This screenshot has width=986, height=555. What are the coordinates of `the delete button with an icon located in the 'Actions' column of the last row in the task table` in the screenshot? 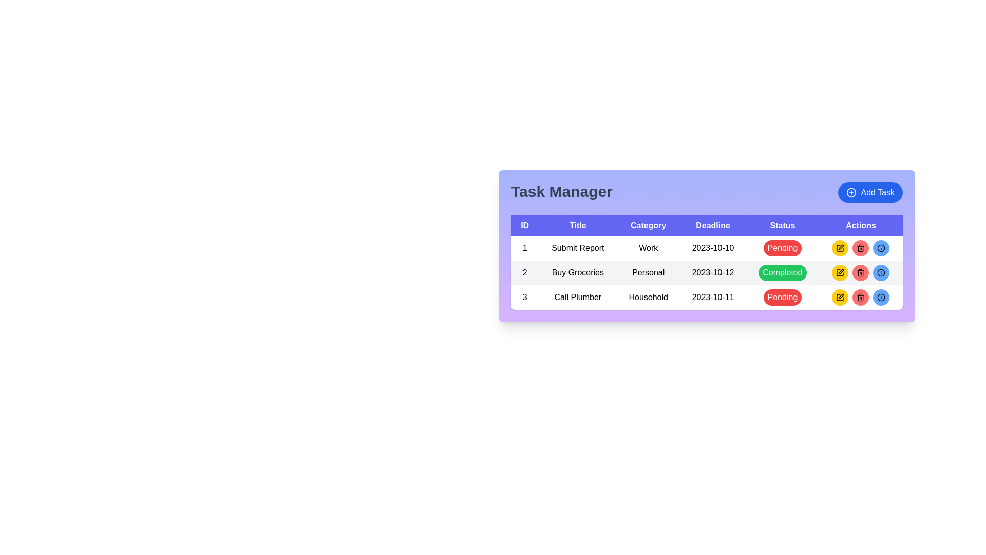 It's located at (861, 297).